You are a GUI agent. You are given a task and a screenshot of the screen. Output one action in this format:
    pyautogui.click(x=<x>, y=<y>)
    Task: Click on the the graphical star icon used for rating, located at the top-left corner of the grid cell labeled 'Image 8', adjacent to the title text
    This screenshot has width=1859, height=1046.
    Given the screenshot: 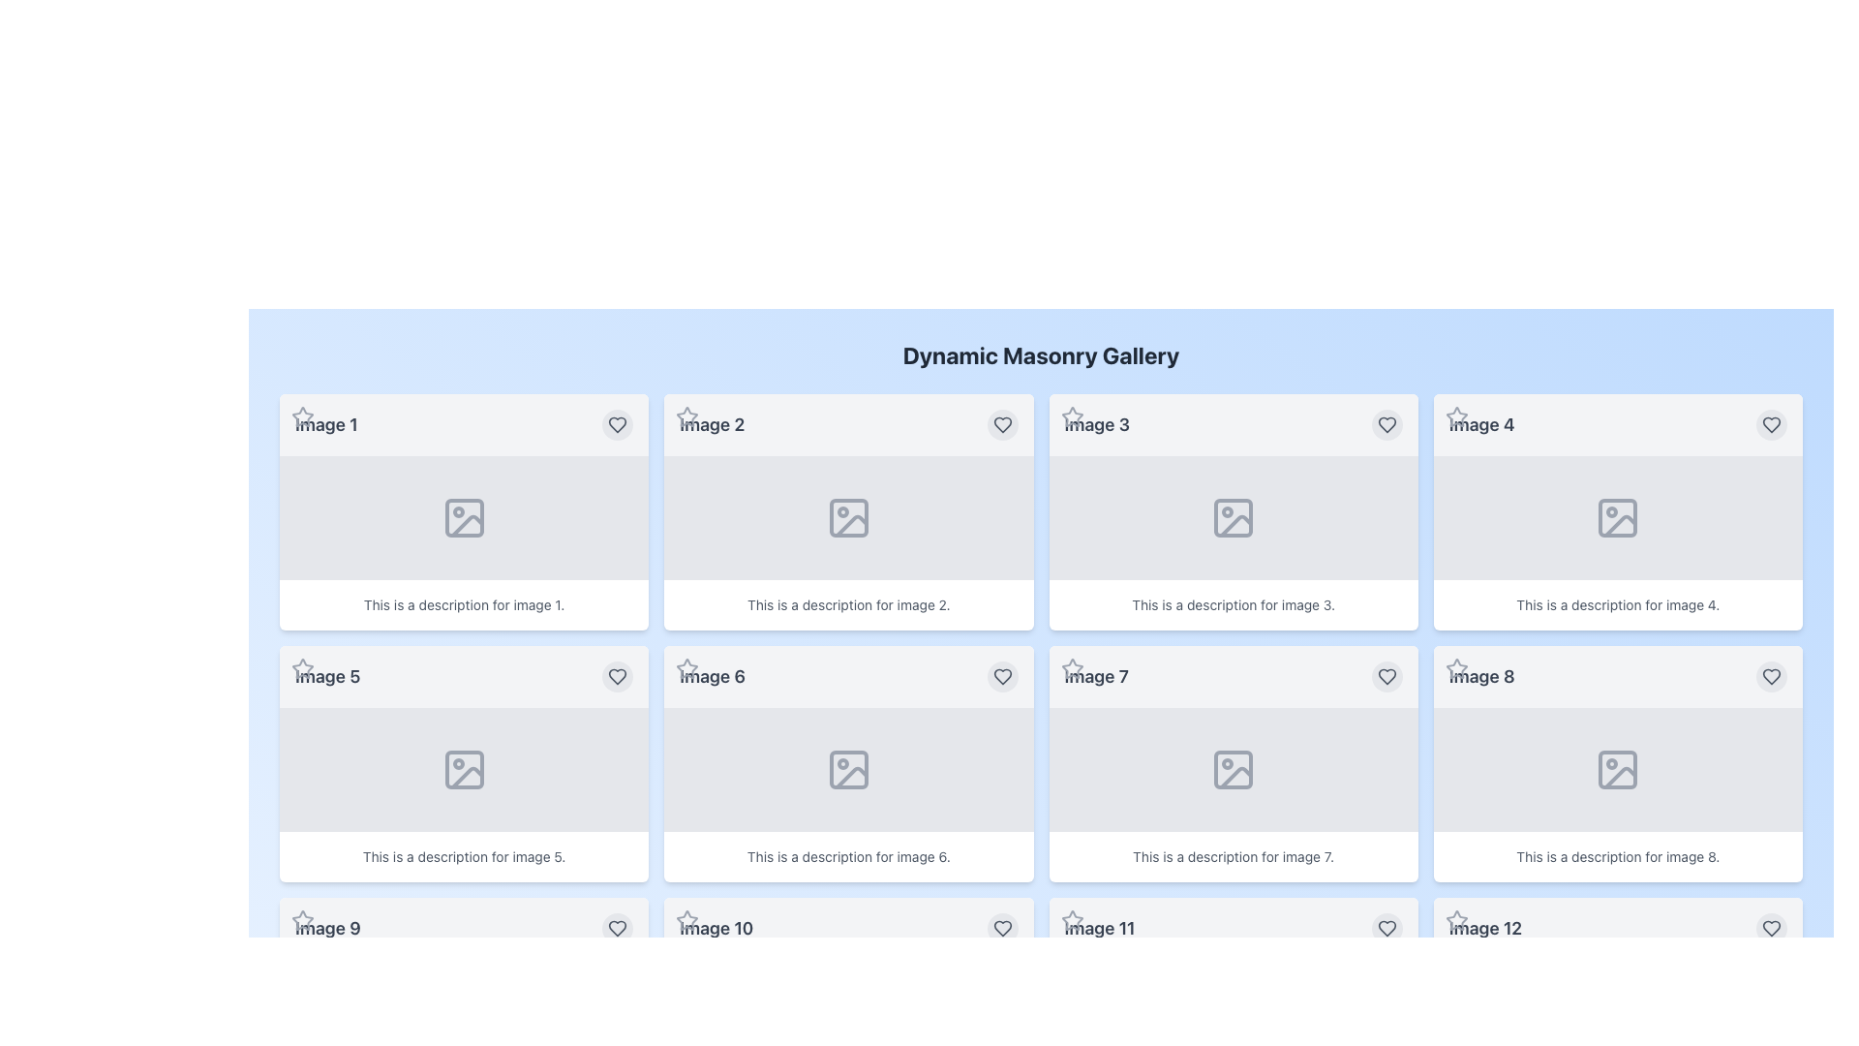 What is the action you would take?
    pyautogui.click(x=1456, y=667)
    